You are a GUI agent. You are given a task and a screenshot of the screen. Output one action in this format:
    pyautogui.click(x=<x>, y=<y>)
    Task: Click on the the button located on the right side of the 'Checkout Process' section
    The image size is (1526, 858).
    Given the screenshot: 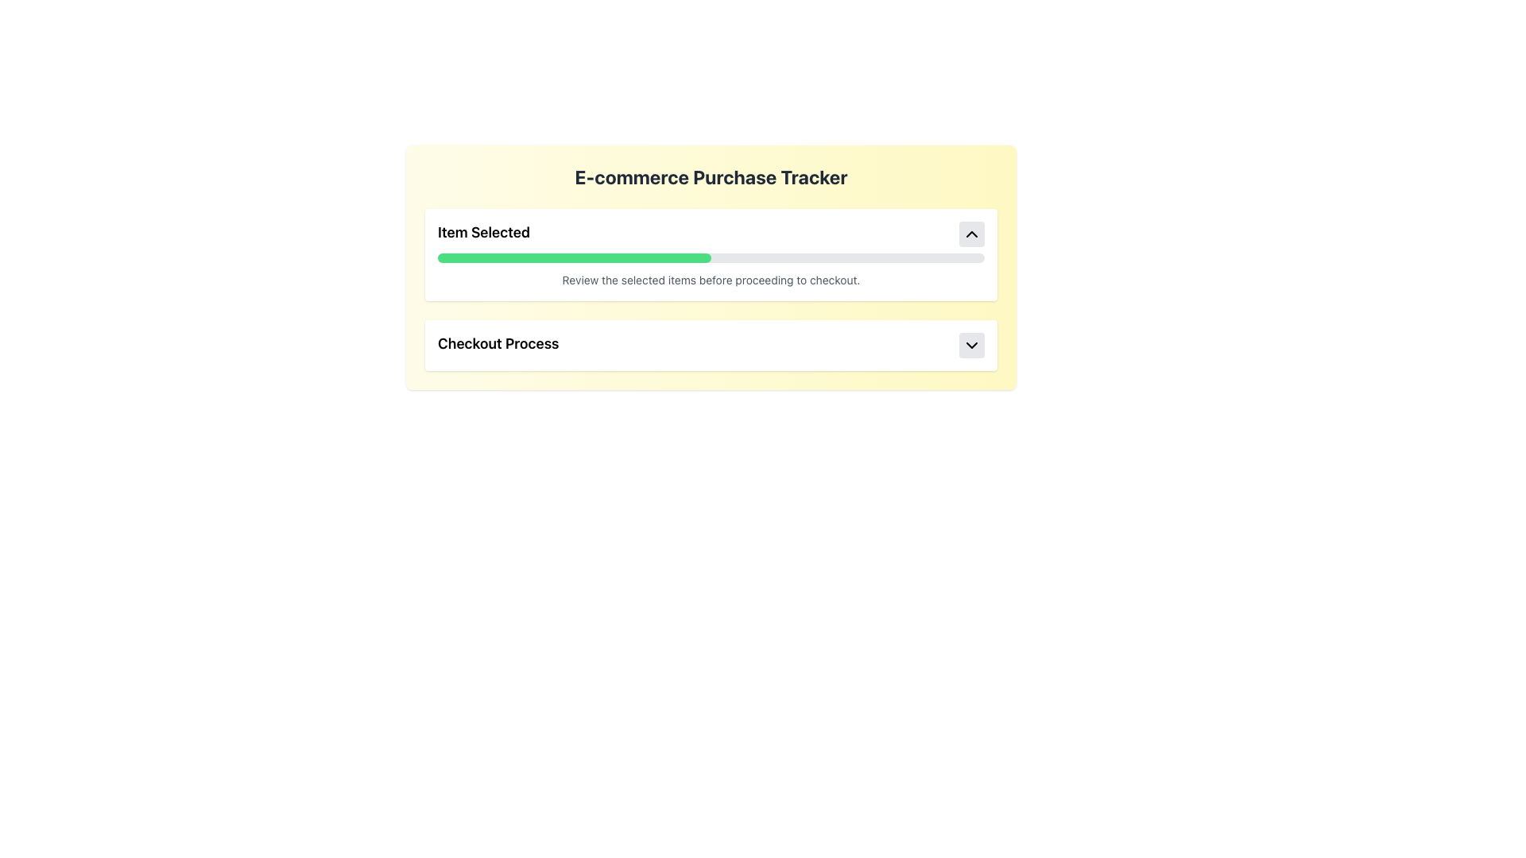 What is the action you would take?
    pyautogui.click(x=971, y=345)
    